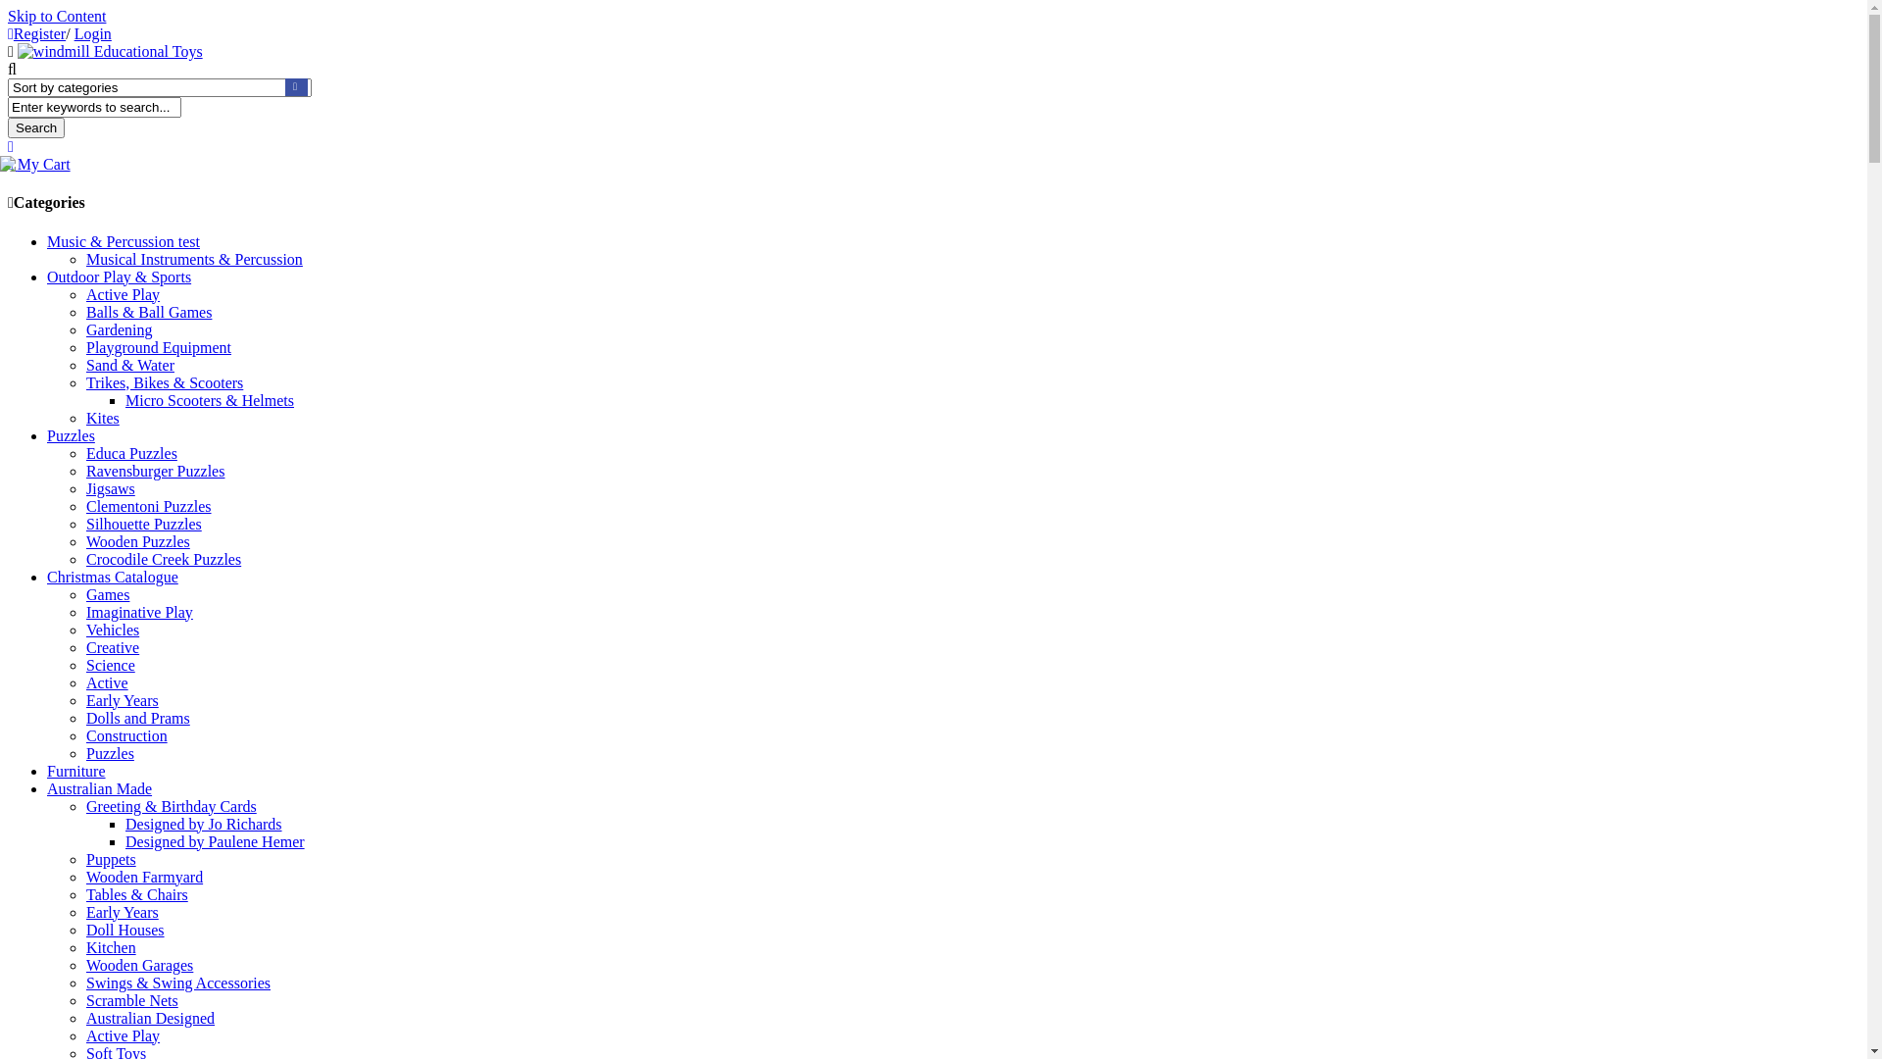  I want to click on 'My Cart', so click(8, 163).